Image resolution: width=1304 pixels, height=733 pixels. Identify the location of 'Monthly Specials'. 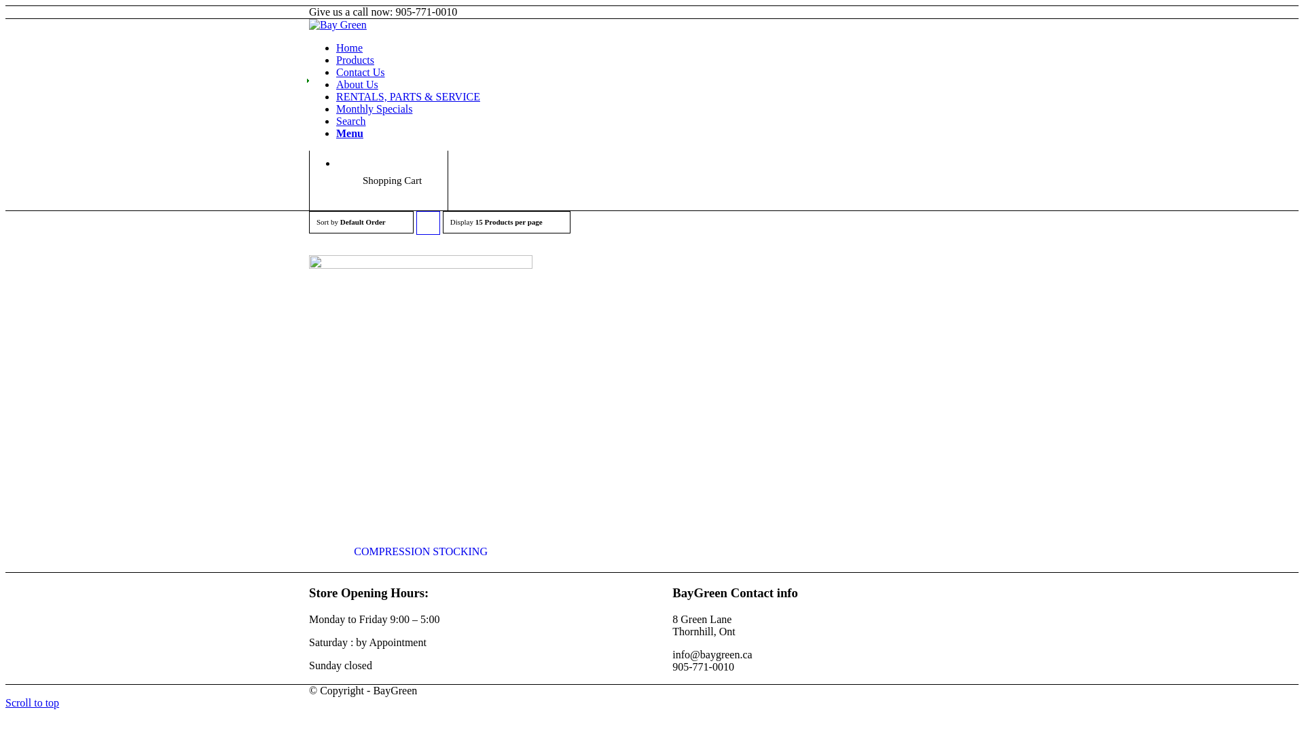
(336, 108).